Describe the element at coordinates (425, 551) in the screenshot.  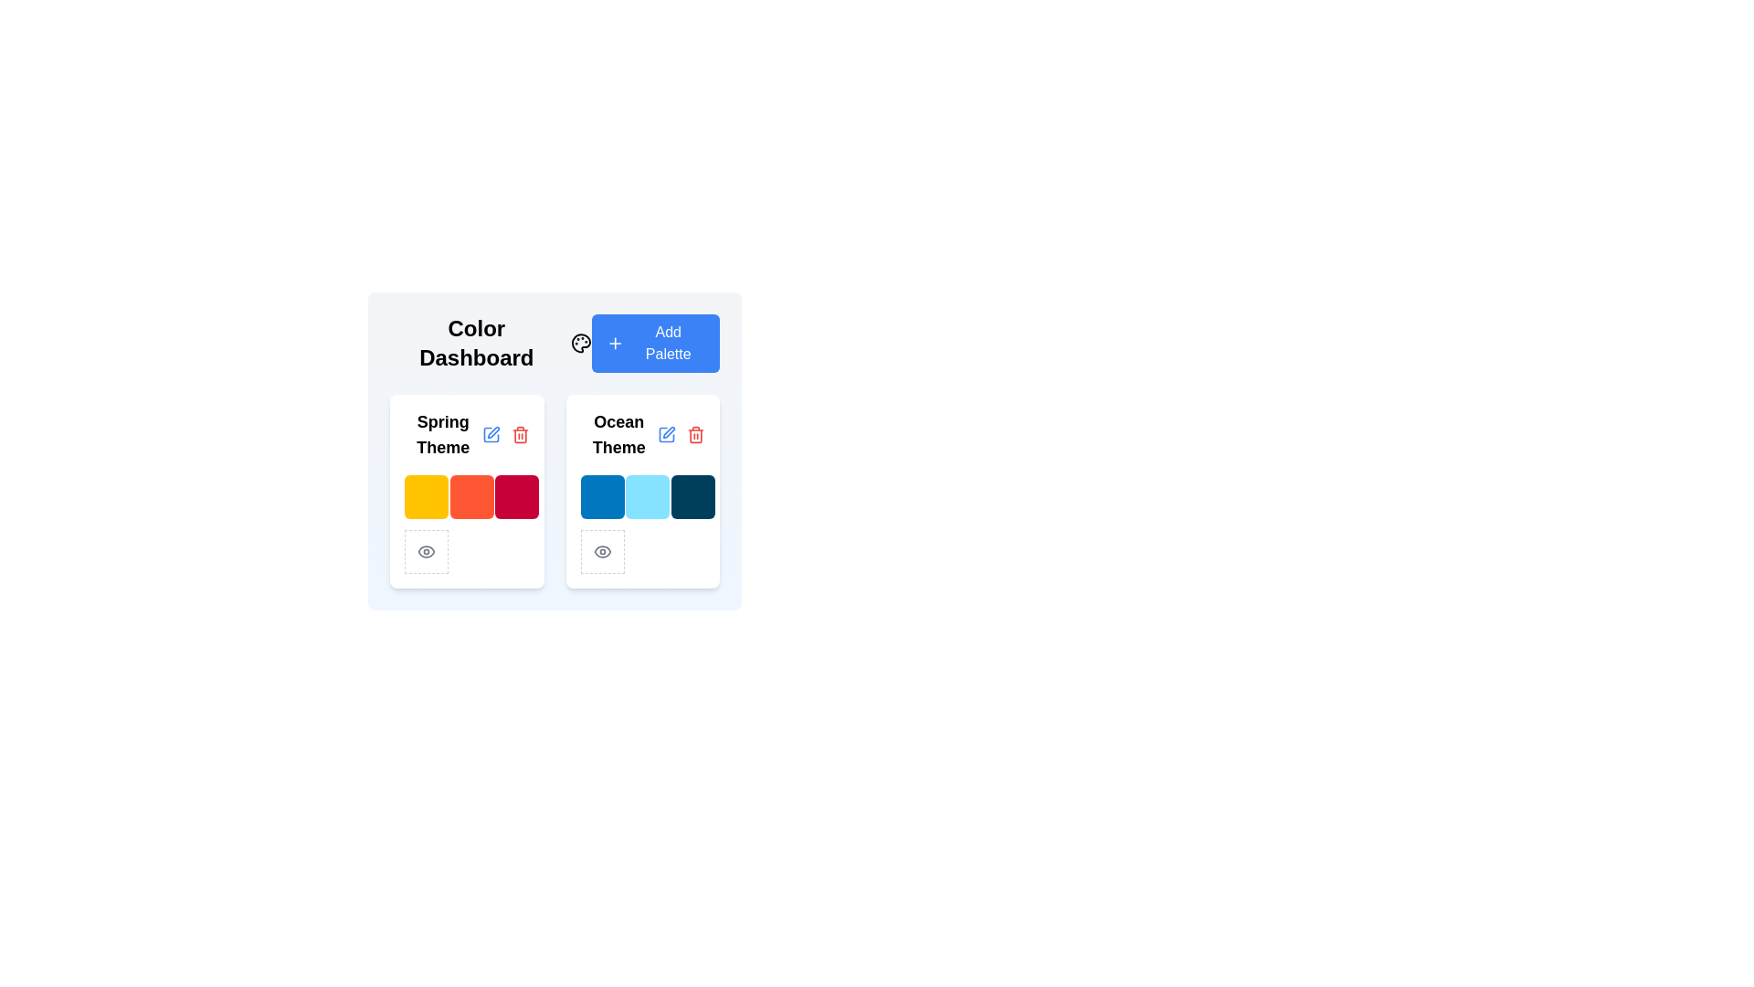
I see `the button located in the bottom-left of the grid, which is the fourth element in a three-column layout` at that location.